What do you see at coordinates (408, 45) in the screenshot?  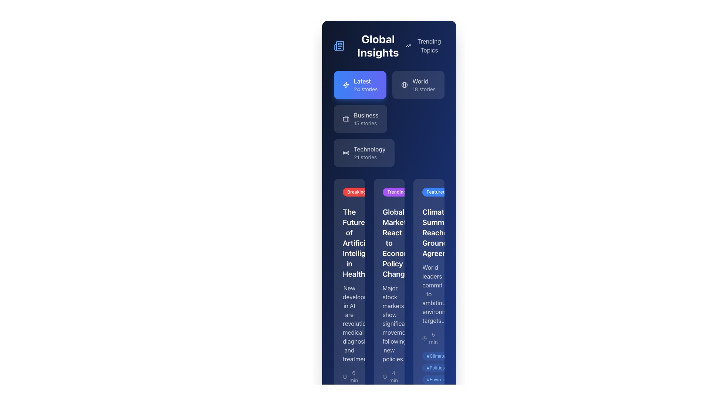 I see `the decorative icon representing 'Trending Topics'` at bounding box center [408, 45].